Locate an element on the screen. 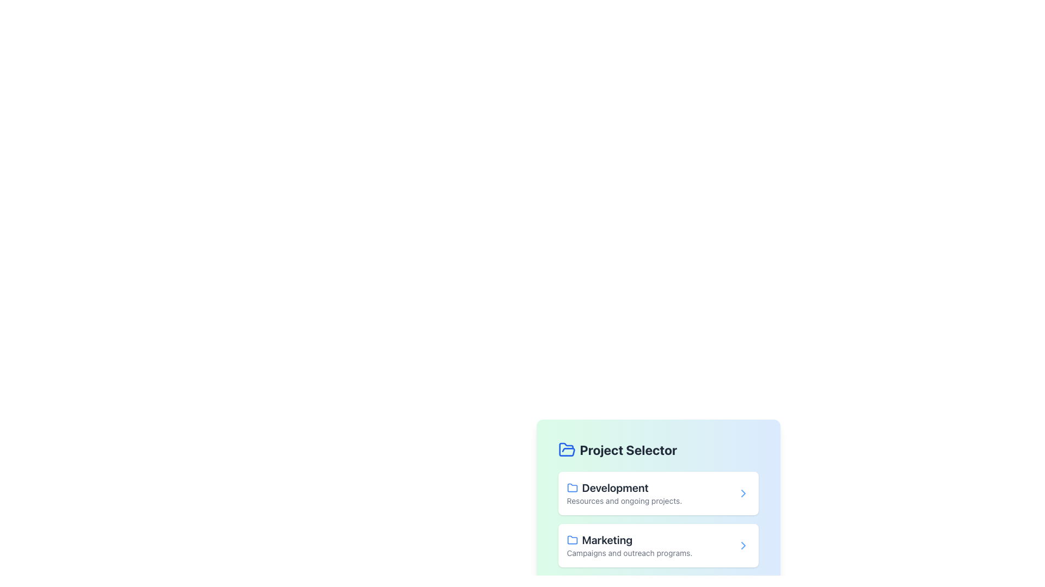  the text label element that contains 'Resources and ongoing projects.' located below the 'Development' section header in a dropdown menu is located at coordinates (624, 501).